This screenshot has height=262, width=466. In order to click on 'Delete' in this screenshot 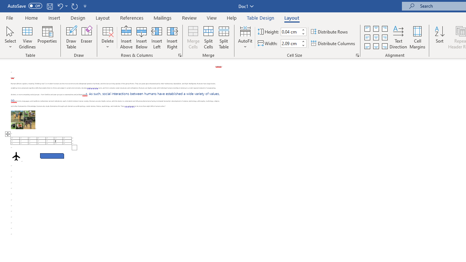, I will do `click(107, 37)`.